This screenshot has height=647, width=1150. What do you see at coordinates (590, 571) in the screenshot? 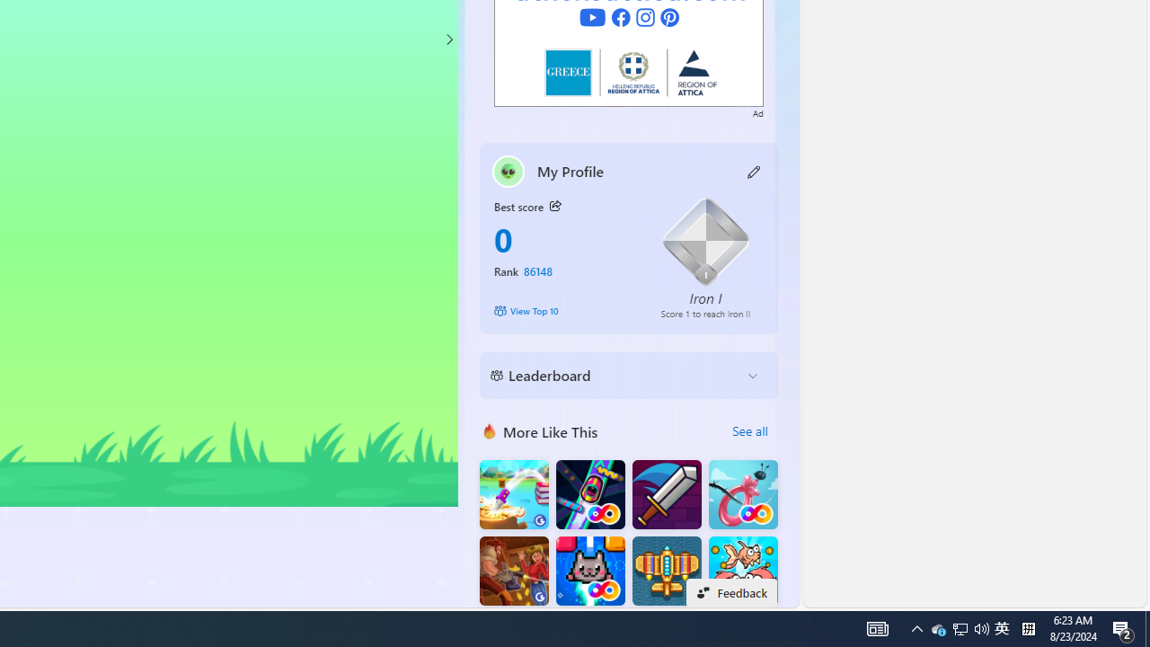
I see `'Kitten Force FRVR'` at bounding box center [590, 571].